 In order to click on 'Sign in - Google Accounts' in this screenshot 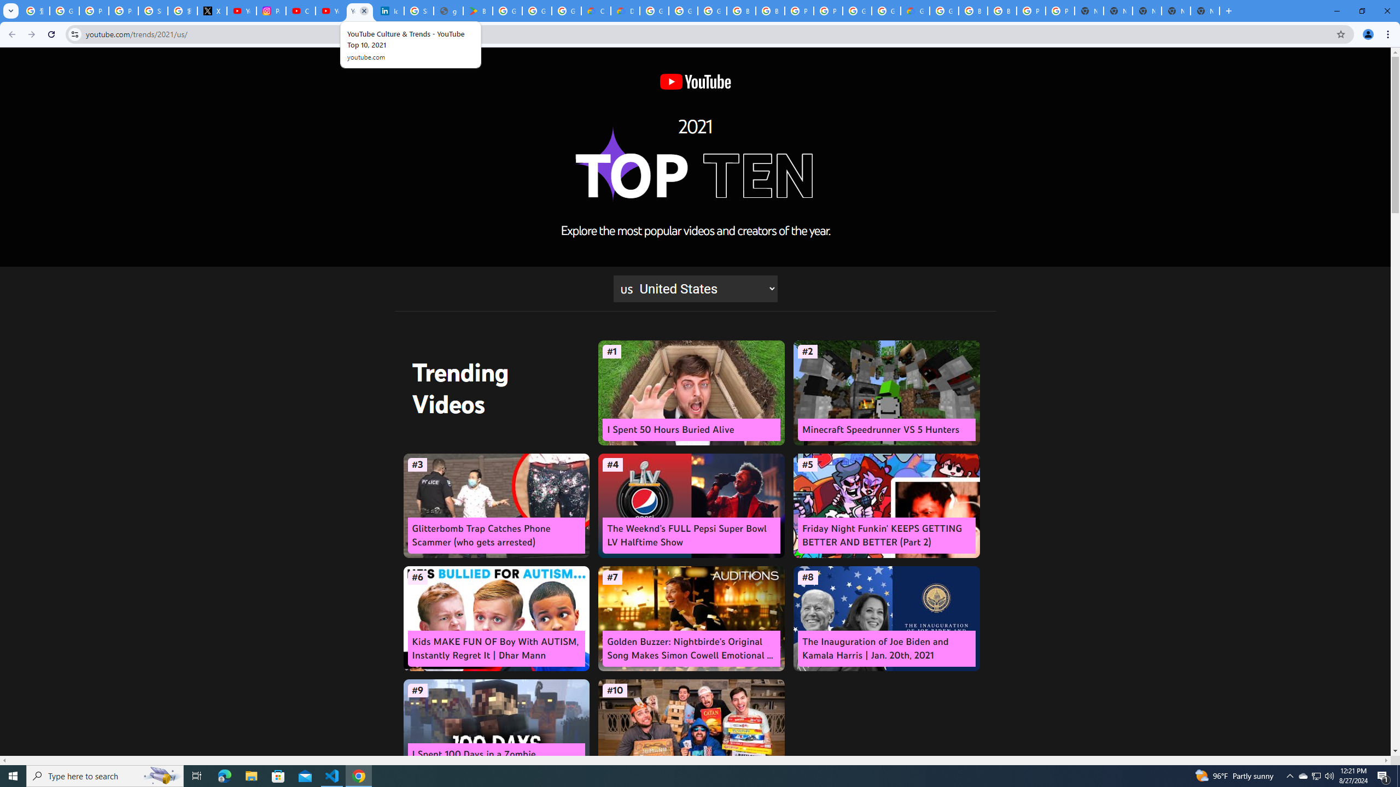, I will do `click(418, 10)`.